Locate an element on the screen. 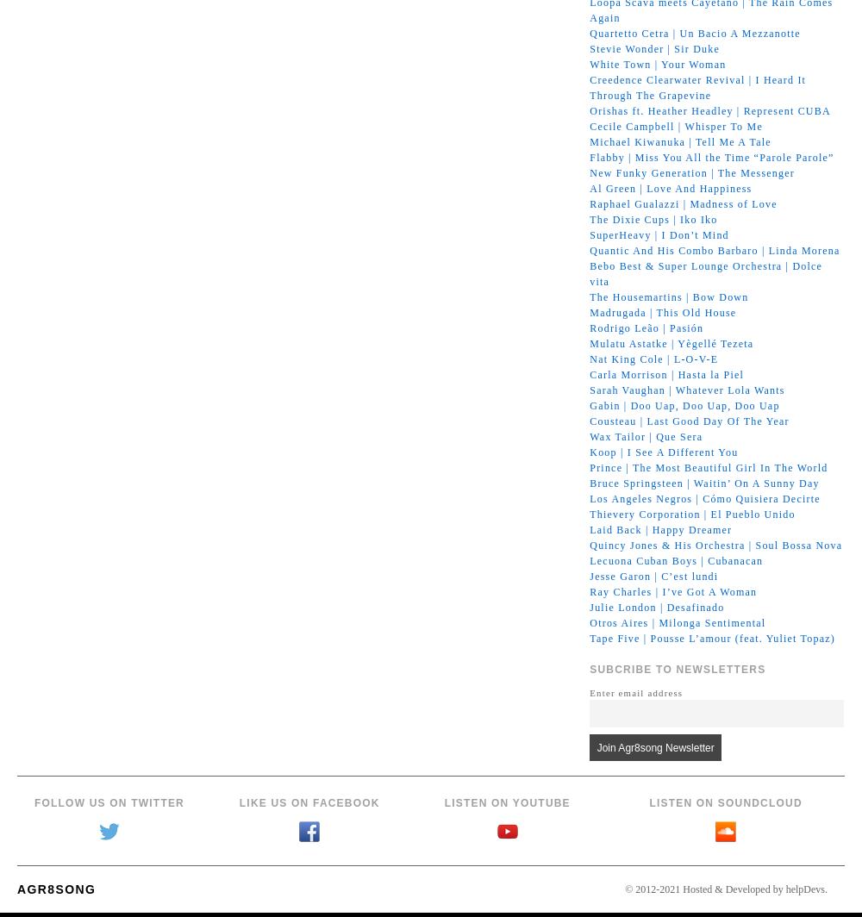 Image resolution: width=862 pixels, height=917 pixels. 'Otros Aires | Milonga Sentimental' is located at coordinates (678, 622).